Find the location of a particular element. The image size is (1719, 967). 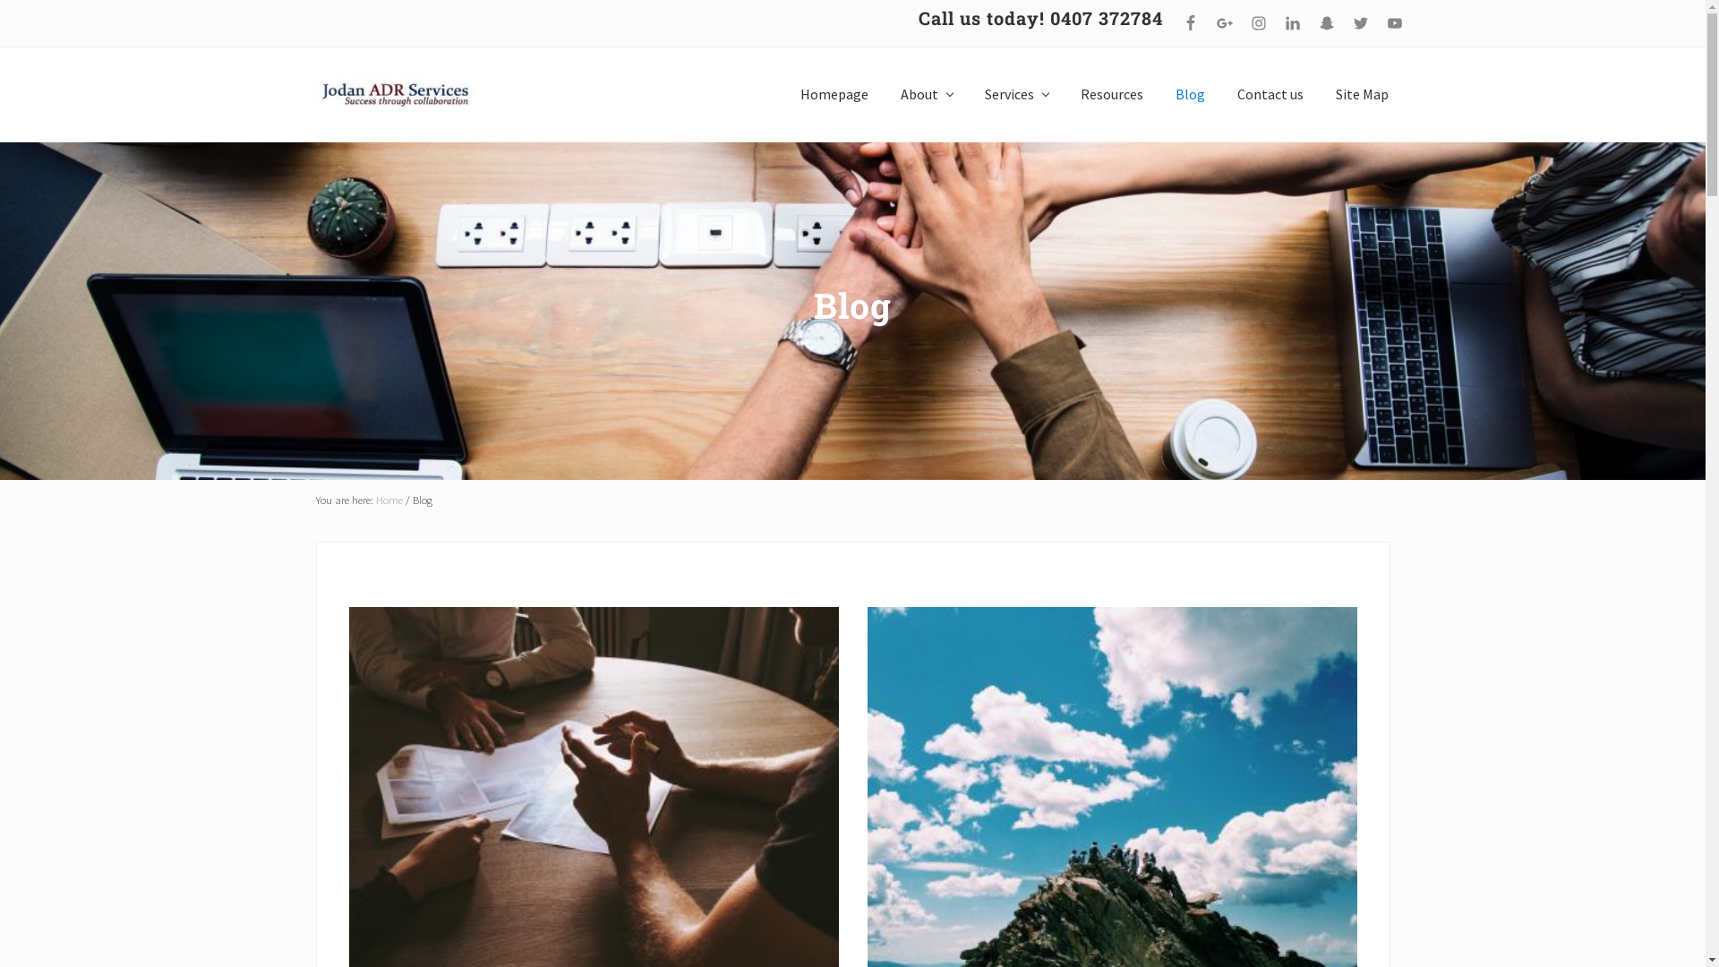

'YouTube' is located at coordinates (1379, 23).